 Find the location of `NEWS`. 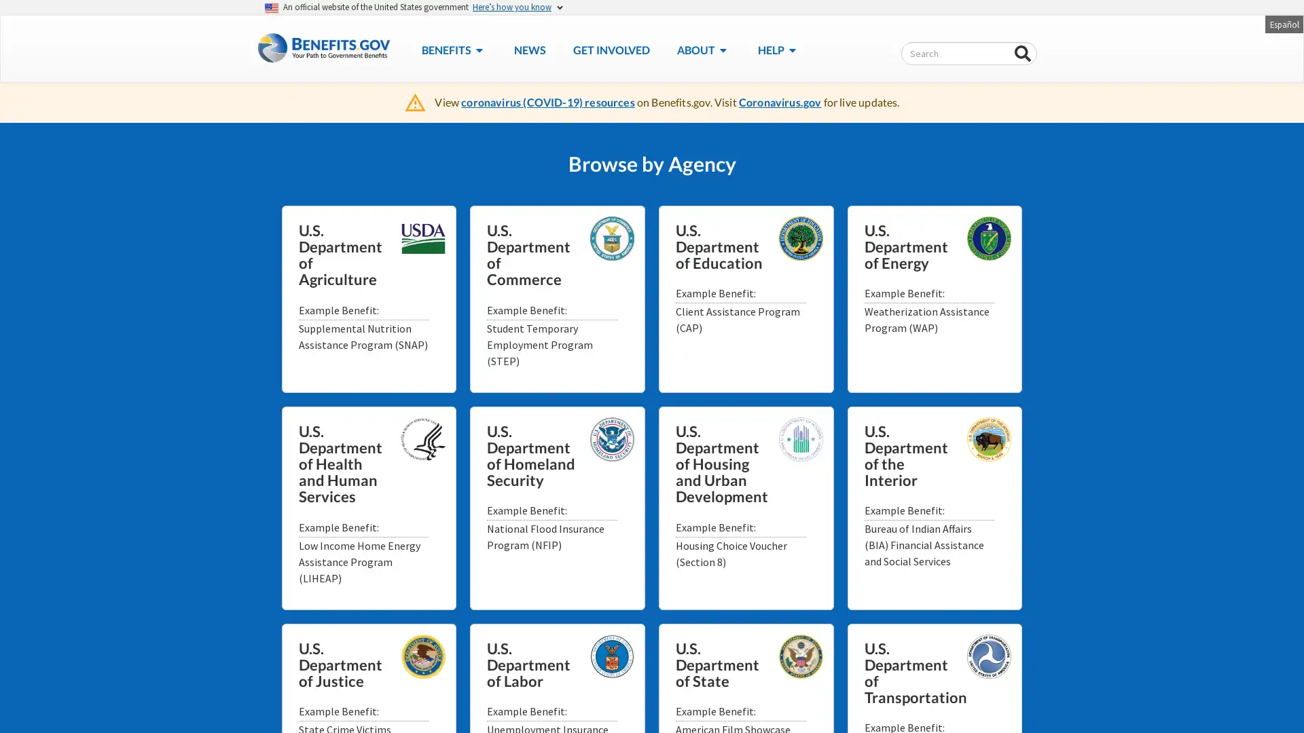

NEWS is located at coordinates (528, 49).